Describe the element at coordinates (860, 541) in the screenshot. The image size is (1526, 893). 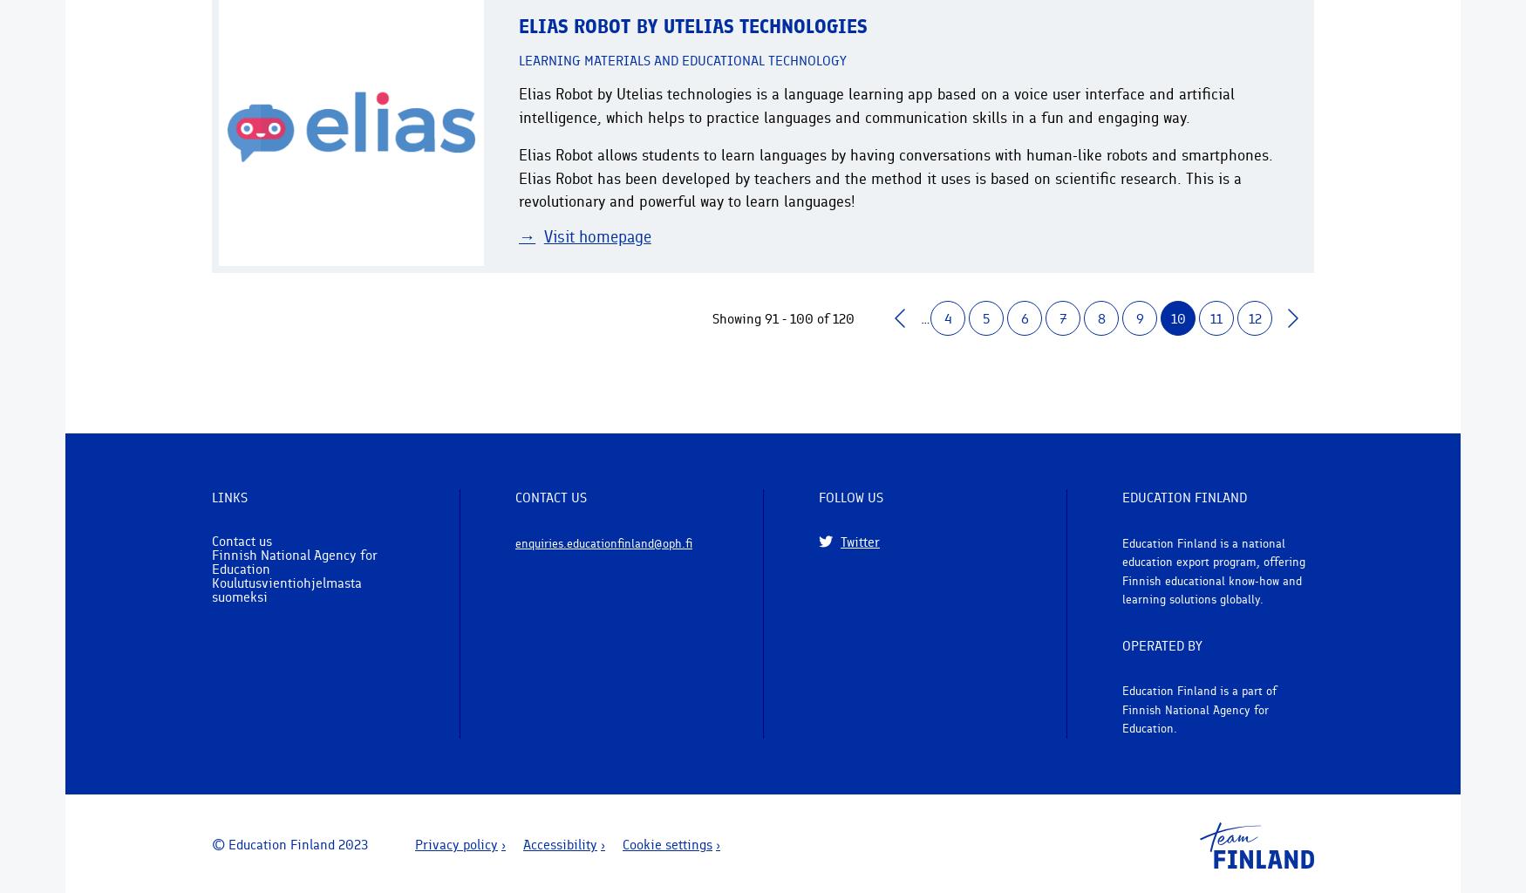
I see `'Twitter'` at that location.